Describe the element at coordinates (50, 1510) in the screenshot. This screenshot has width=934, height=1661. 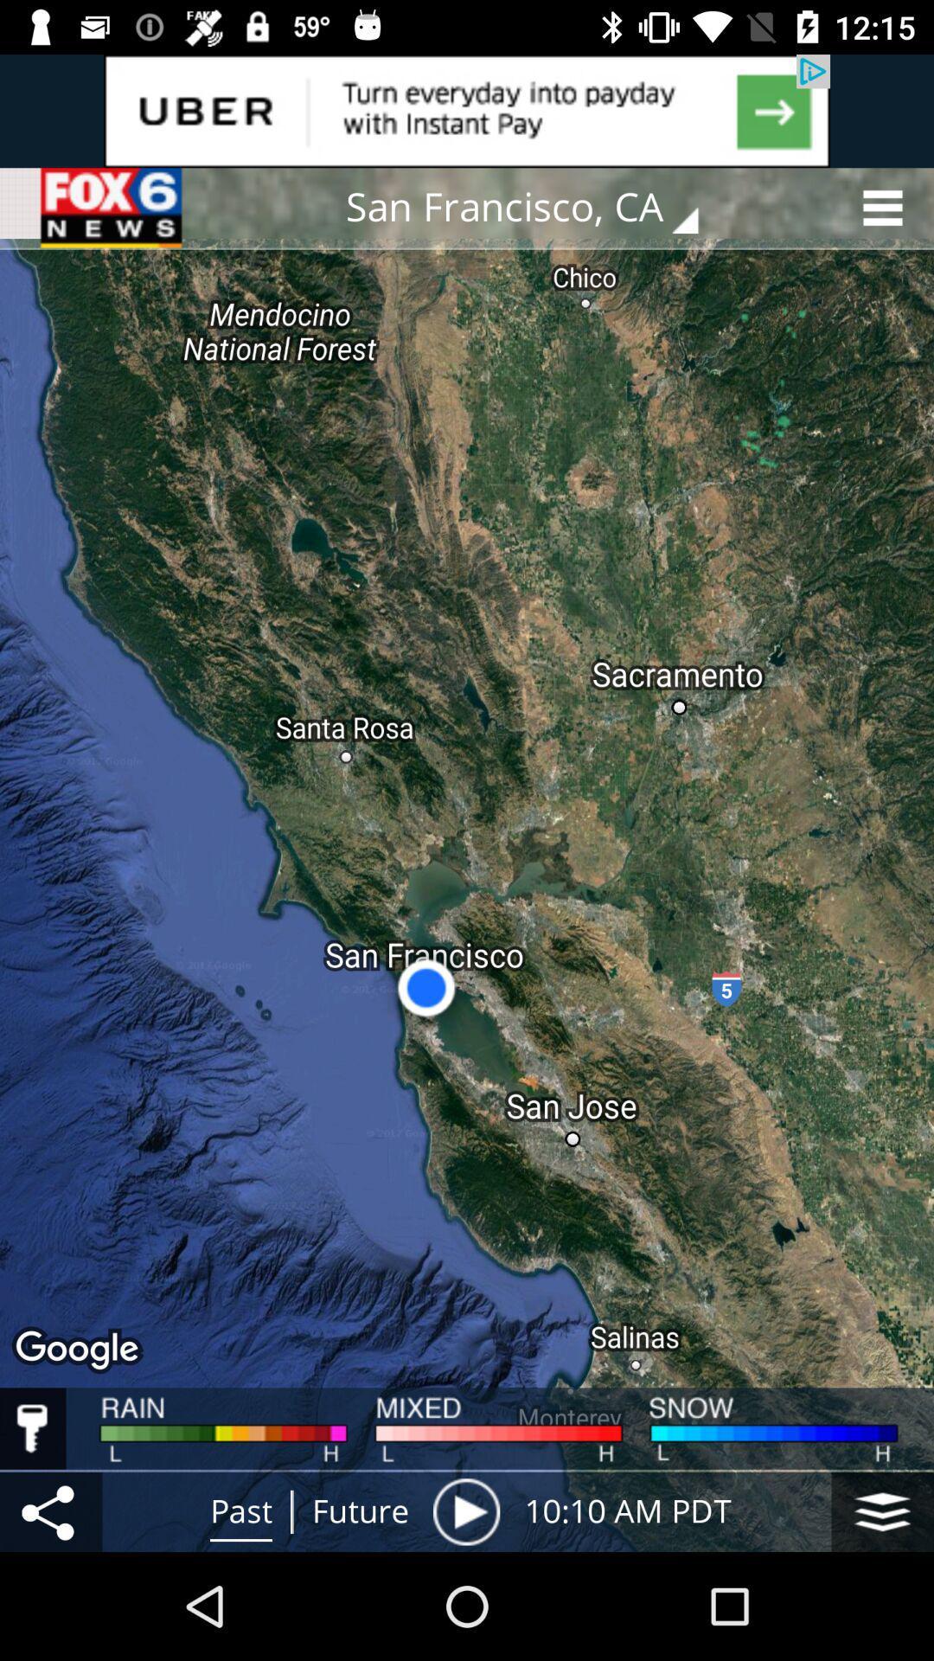
I see `the share icon` at that location.